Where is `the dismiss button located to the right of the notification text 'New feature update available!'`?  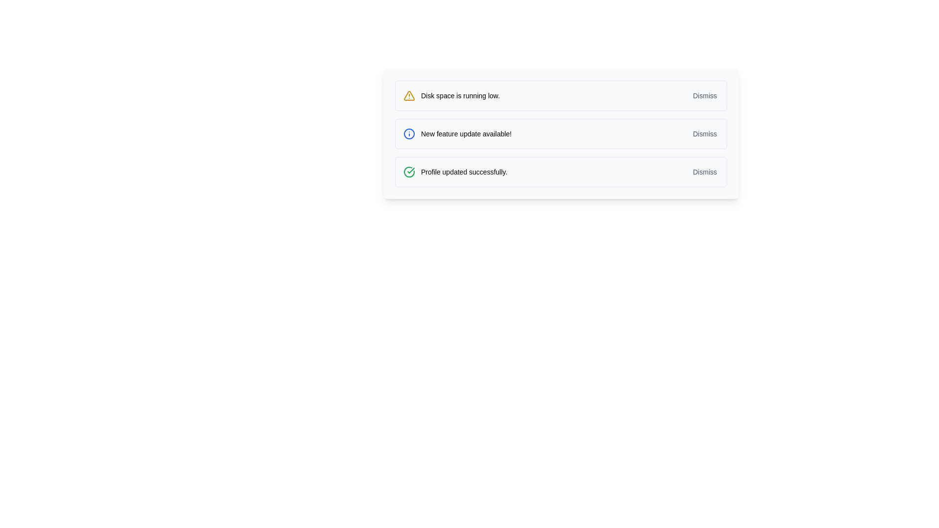 the dismiss button located to the right of the notification text 'New feature update available!' is located at coordinates (705, 133).